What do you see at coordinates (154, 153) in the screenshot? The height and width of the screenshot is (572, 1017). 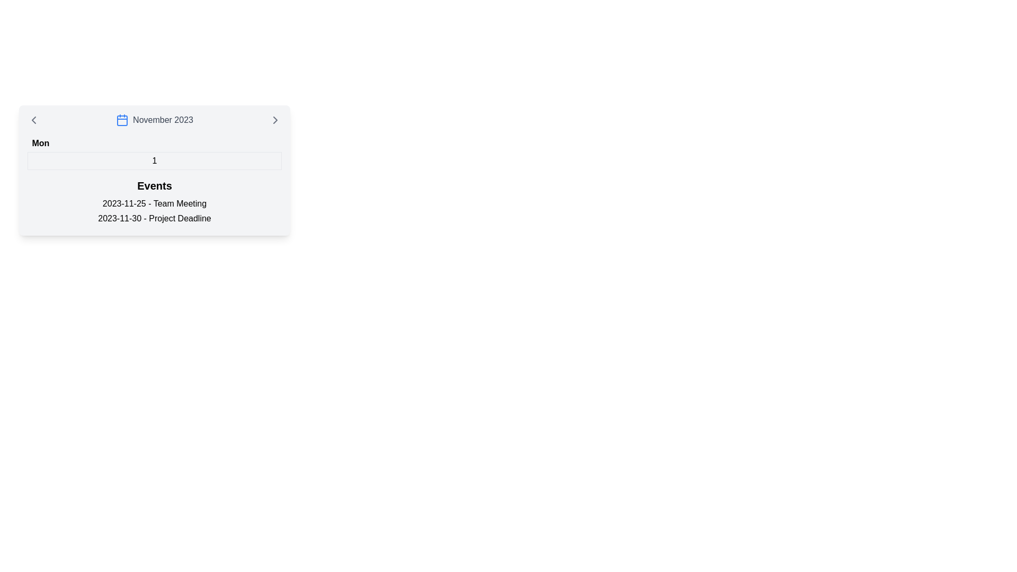 I see `the calendar table cell representing Monday, the 1st of November 2023` at bounding box center [154, 153].